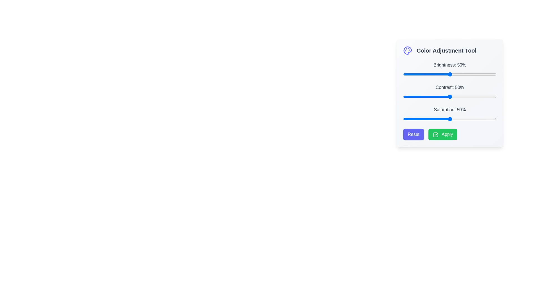 The image size is (538, 302). Describe the element at coordinates (435, 135) in the screenshot. I see `the decorative icon of the 'Apply' button located at the bottom-right corner of the interface, next to the 'Reset' button` at that location.